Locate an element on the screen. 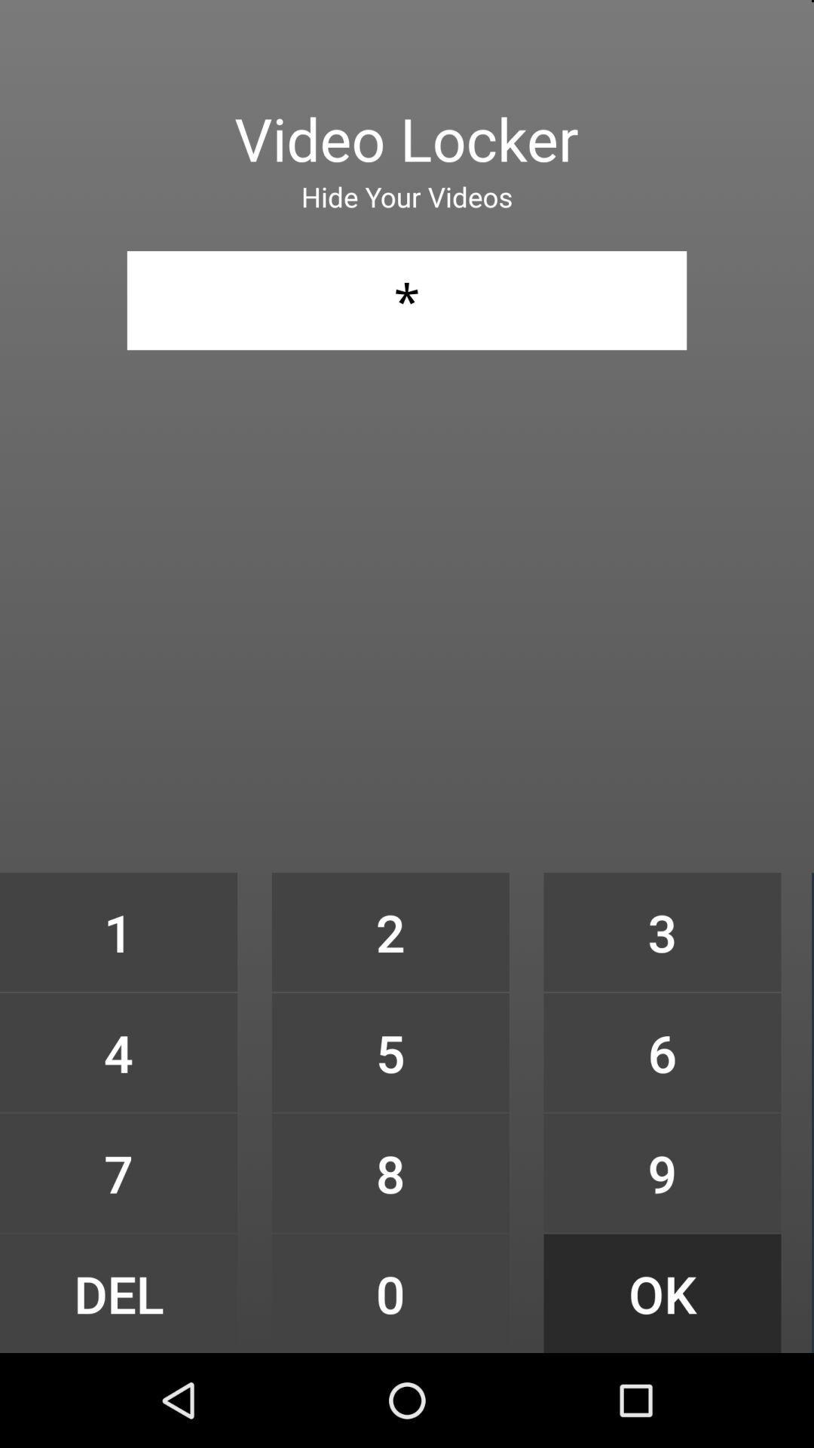  item to the left of 6 icon is located at coordinates (390, 1172).